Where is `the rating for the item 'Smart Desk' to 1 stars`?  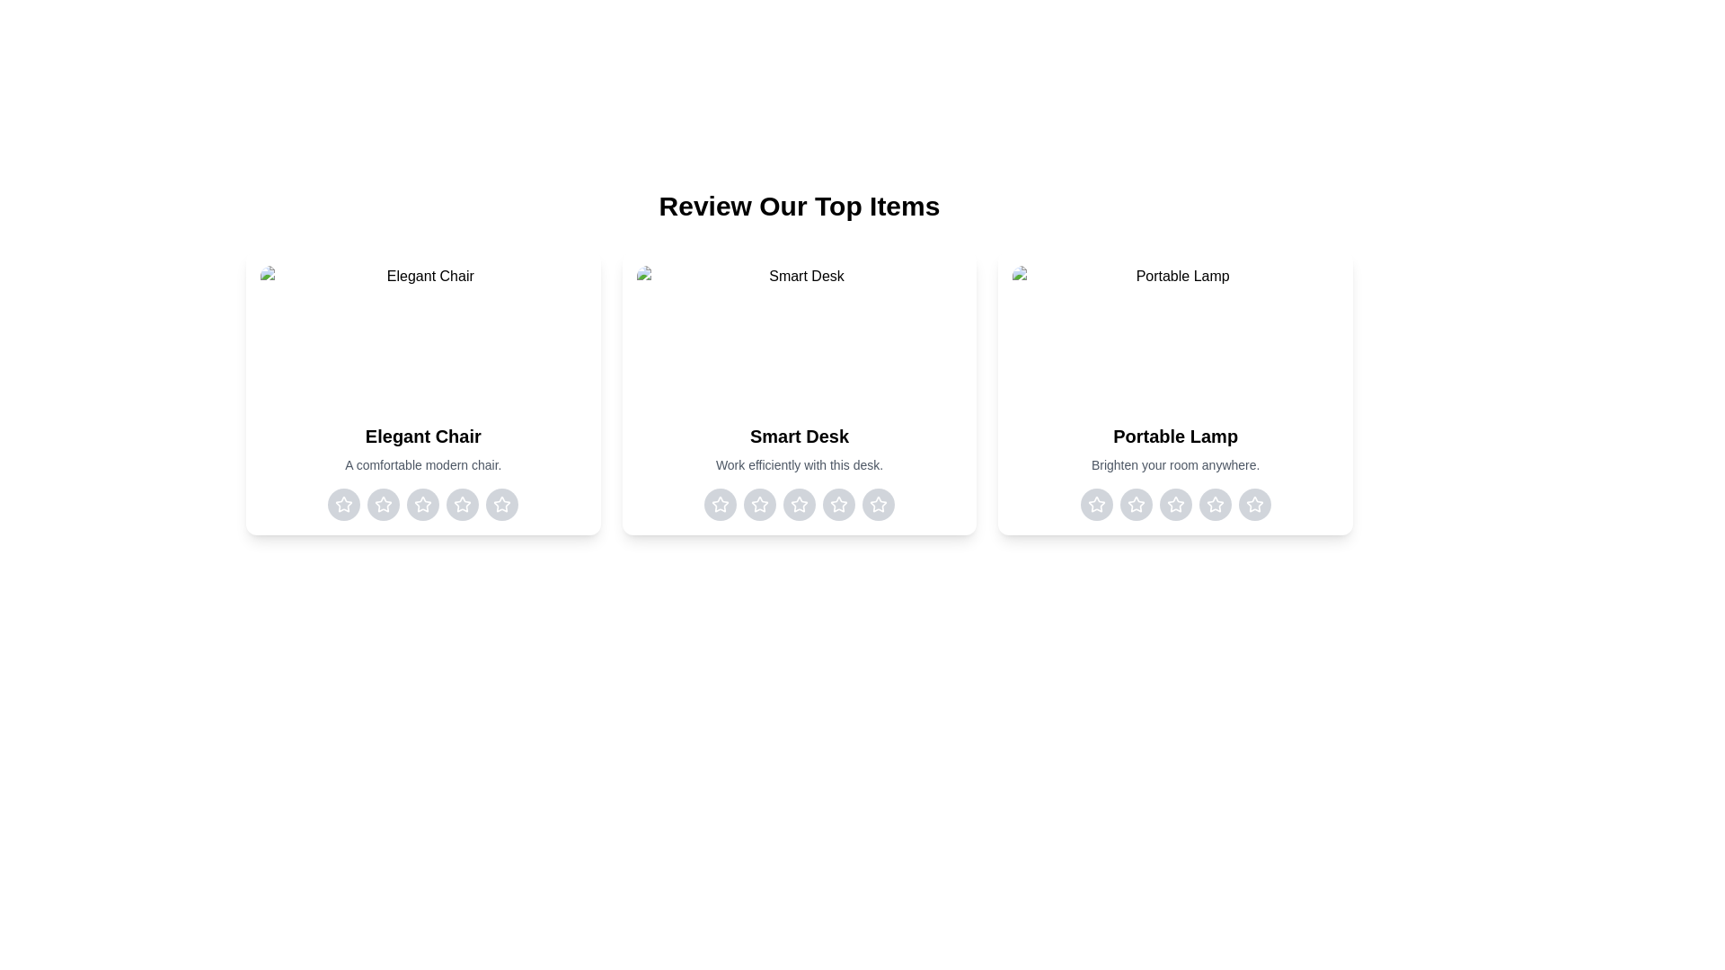 the rating for the item 'Smart Desk' to 1 stars is located at coordinates (720, 505).